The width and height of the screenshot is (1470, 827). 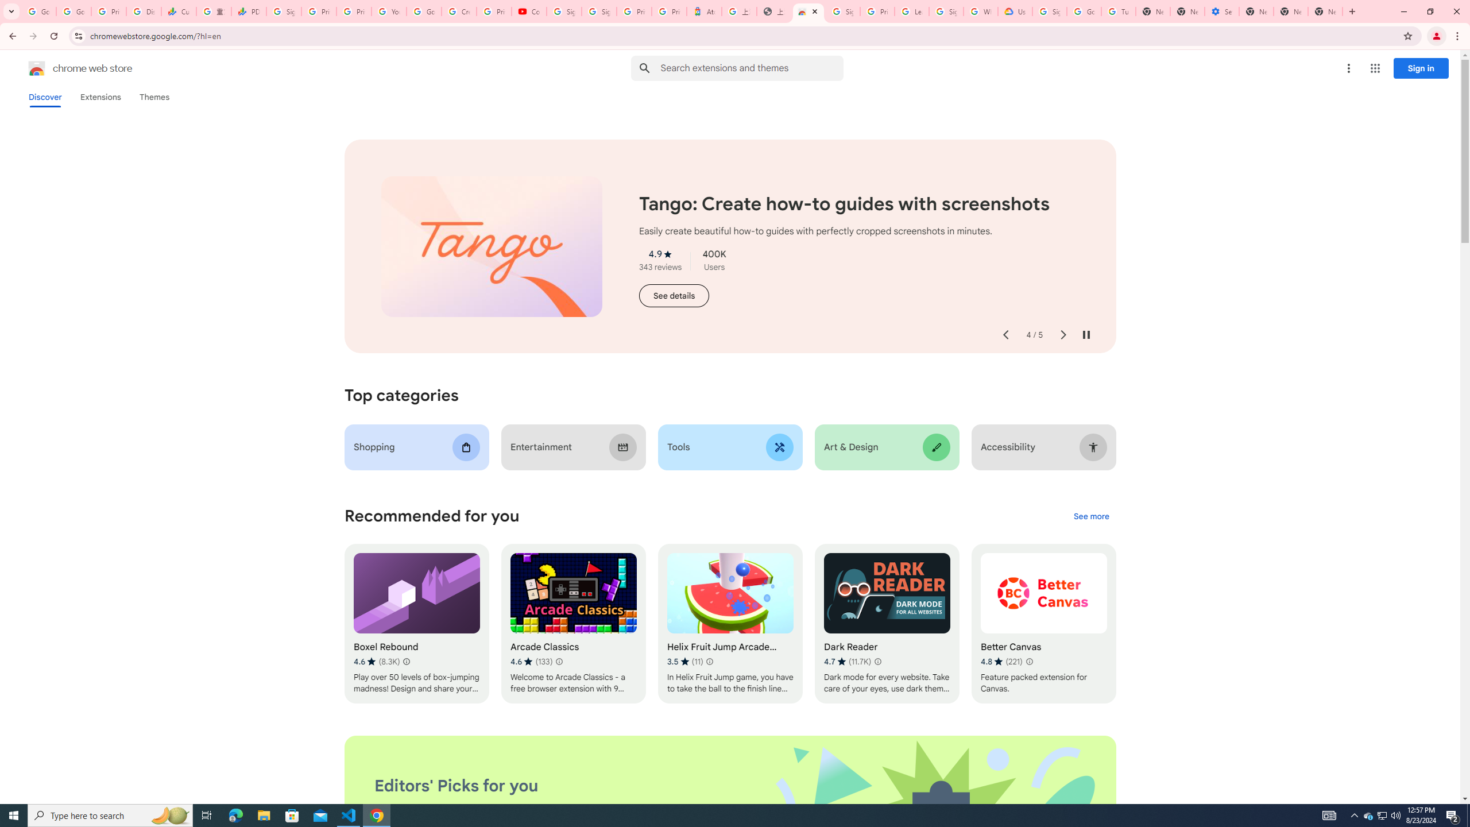 I want to click on 'Average rating 4.8 out of 5 stars. 221 ratings.', so click(x=1001, y=662).